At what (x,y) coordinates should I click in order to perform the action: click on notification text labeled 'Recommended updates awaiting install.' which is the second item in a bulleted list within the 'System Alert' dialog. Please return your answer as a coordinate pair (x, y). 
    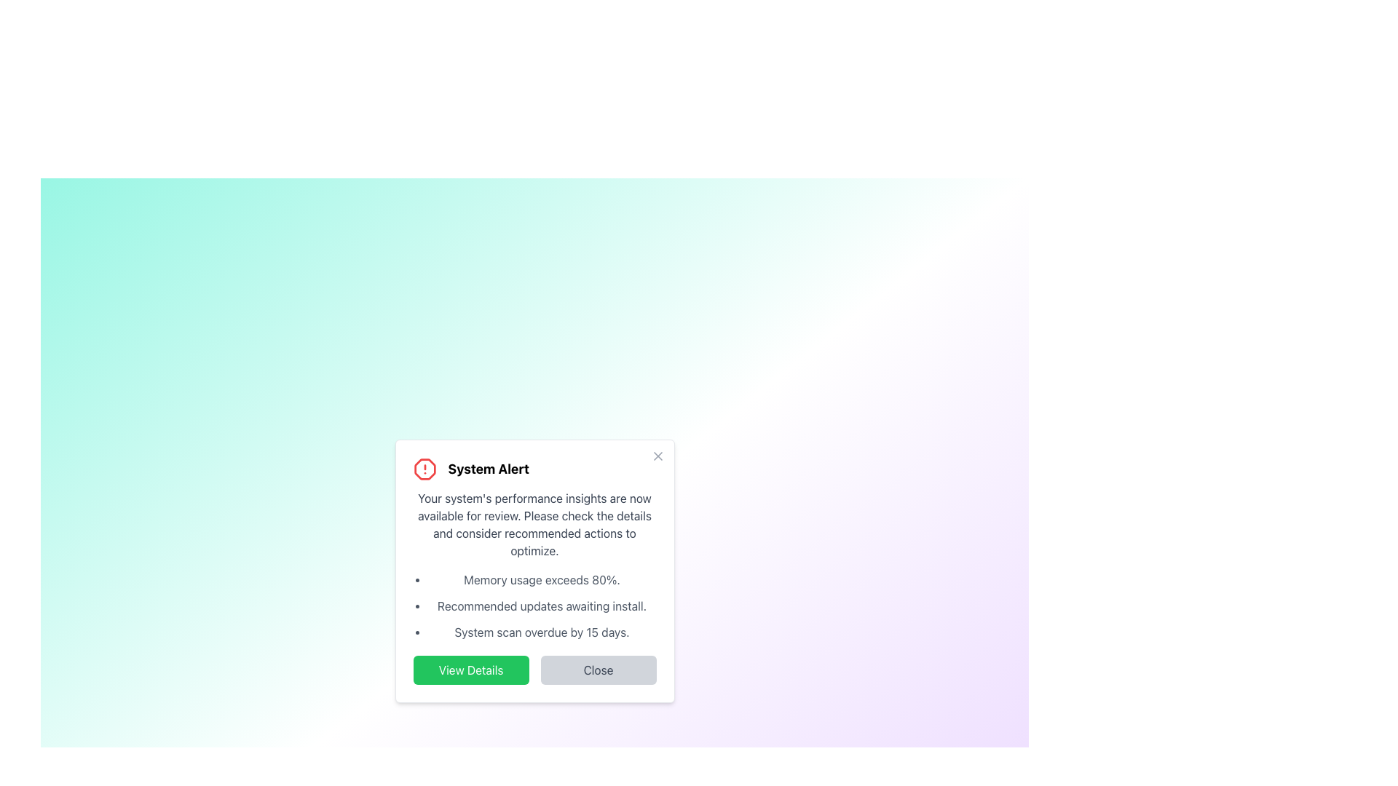
    Looking at the image, I should click on (541, 606).